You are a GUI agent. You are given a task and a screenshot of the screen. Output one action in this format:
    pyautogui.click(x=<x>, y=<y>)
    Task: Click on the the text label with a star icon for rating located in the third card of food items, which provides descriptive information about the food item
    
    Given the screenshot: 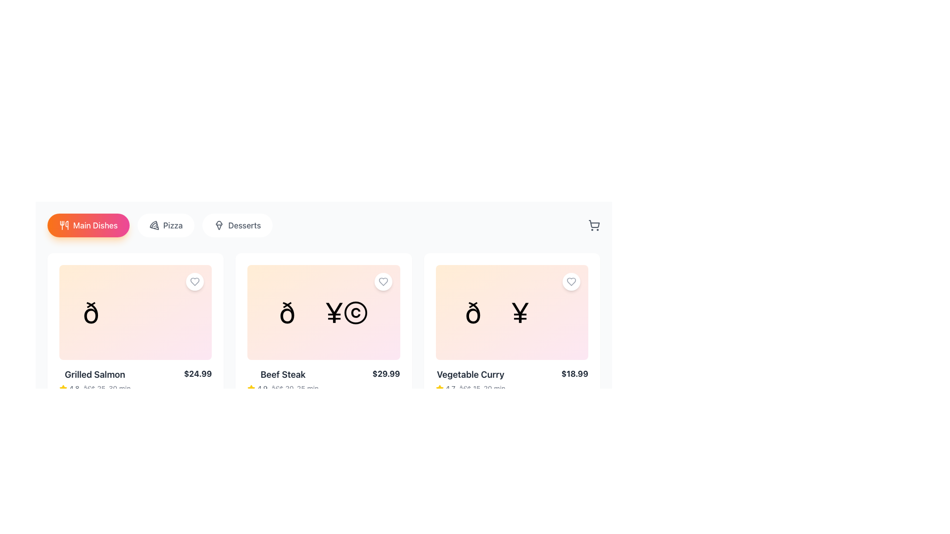 What is the action you would take?
    pyautogui.click(x=470, y=380)
    